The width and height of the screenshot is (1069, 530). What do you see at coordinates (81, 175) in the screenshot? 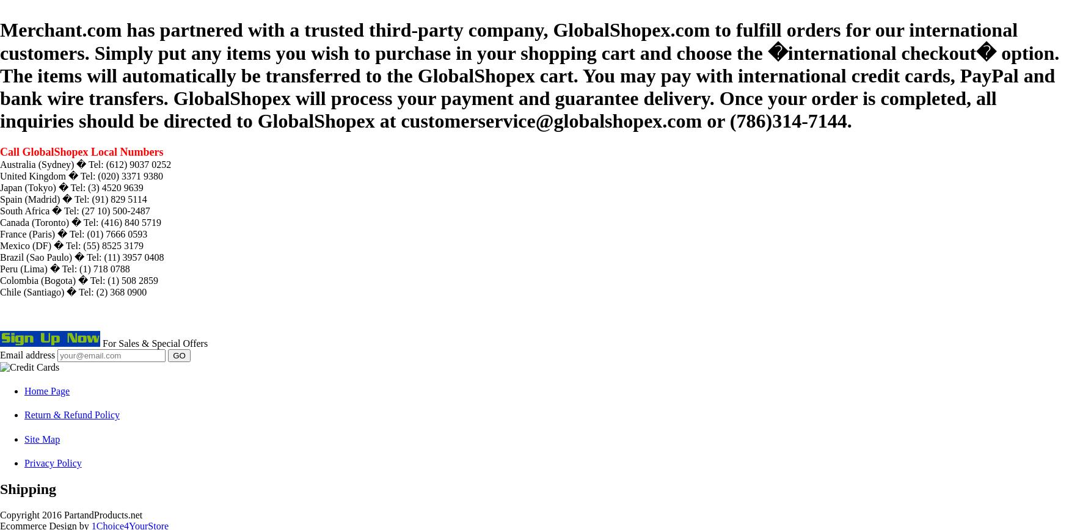
I see `'United Kingdom � Tel: (020) 3371 9380'` at bounding box center [81, 175].